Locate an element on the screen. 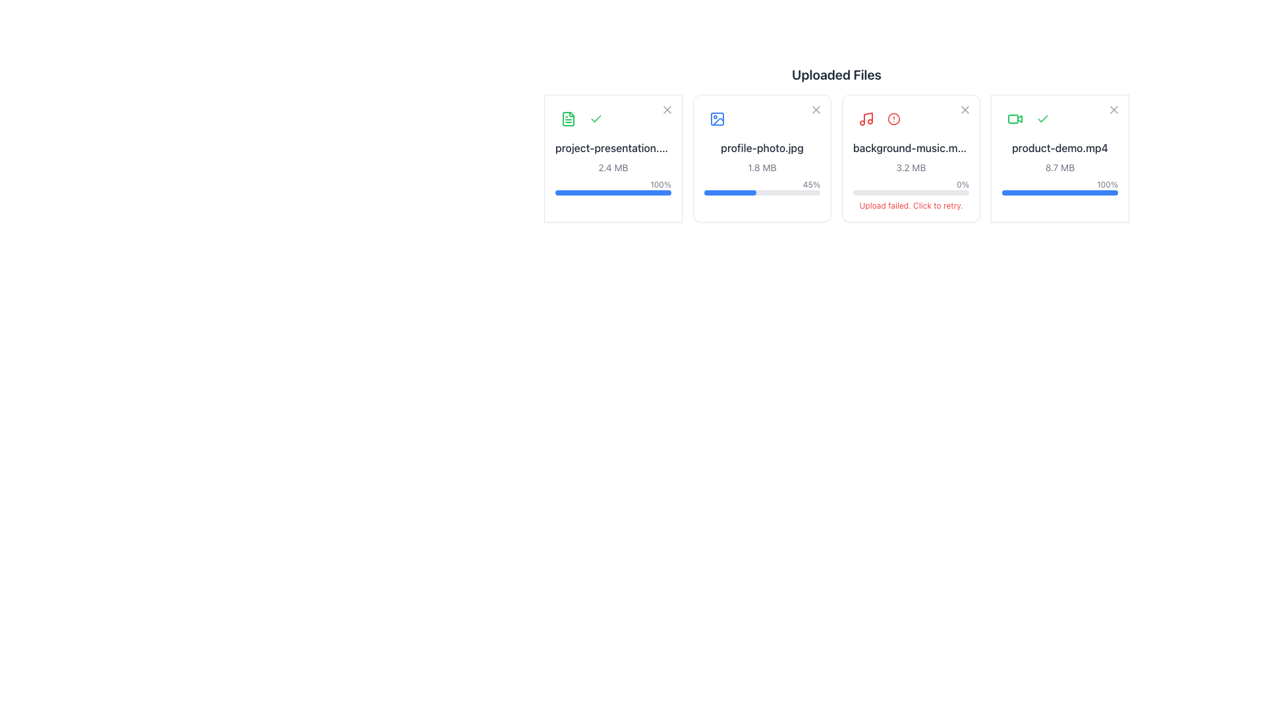 The height and width of the screenshot is (711, 1265). the progress bar indicating upload progress for the file 'profile-photo.jpg', located in the second slot of the 'Uploaded Files' grid is located at coordinates (762, 188).